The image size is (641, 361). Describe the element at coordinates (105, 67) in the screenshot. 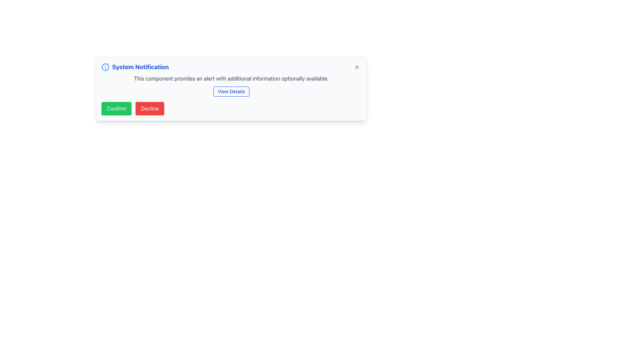

I see `the non-interactive circular icon with a blue outline and white center, located at the top left of the 'System Notification' card header` at that location.